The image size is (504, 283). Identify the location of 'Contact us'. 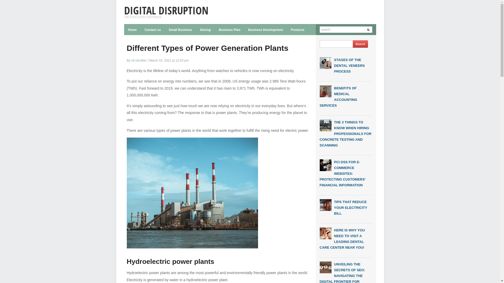
(141, 29).